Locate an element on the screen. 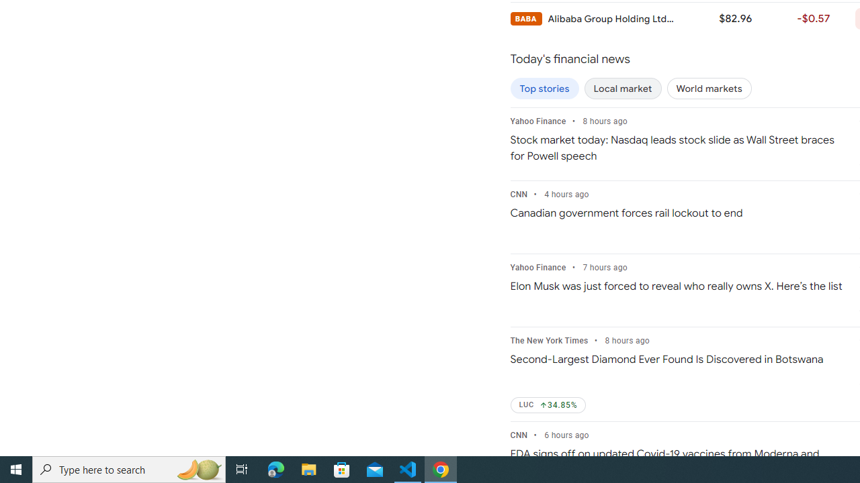 This screenshot has width=860, height=483. 'World markets' is located at coordinates (708, 89).